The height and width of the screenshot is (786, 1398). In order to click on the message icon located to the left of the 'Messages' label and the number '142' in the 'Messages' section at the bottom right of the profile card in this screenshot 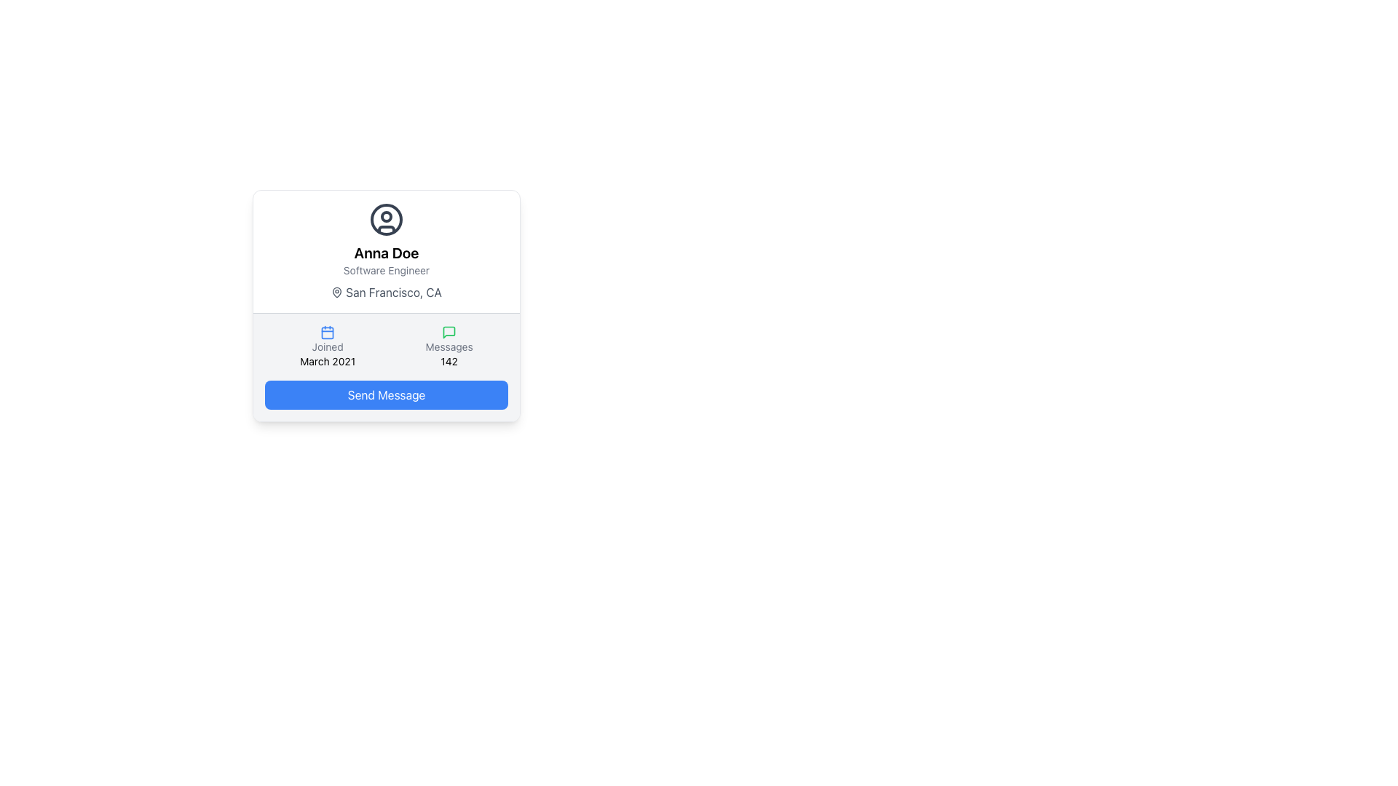, I will do `click(449, 332)`.